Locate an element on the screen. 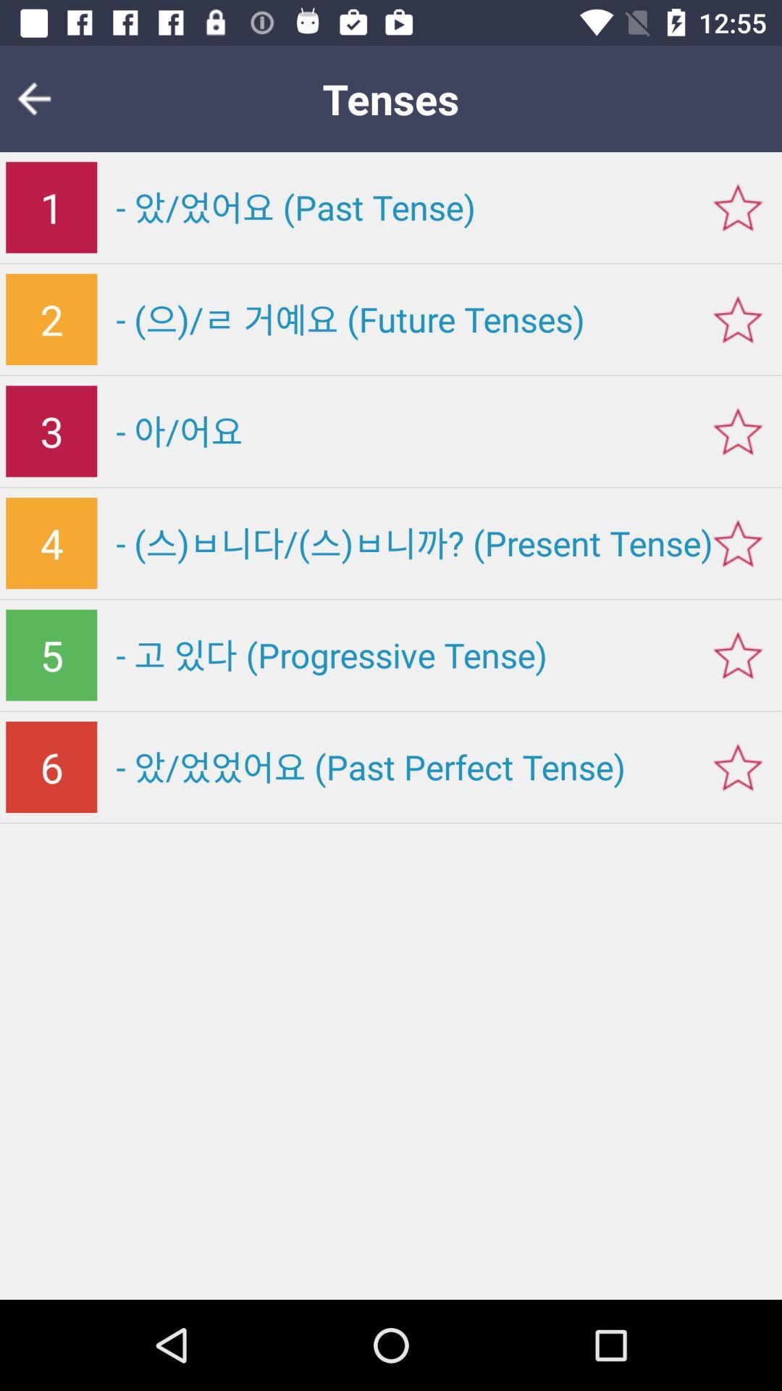 Image resolution: width=782 pixels, height=1391 pixels. 3 is located at coordinates (51, 430).